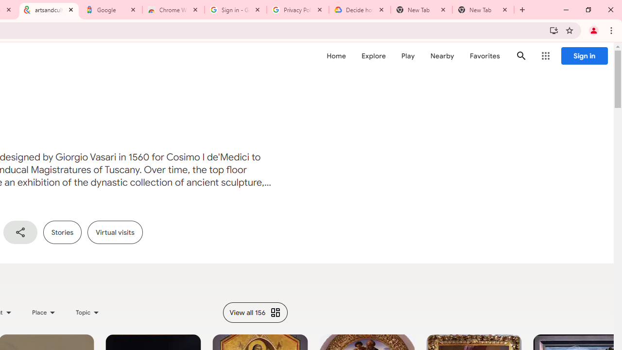  Describe the element at coordinates (483, 10) in the screenshot. I see `'New Tab'` at that location.